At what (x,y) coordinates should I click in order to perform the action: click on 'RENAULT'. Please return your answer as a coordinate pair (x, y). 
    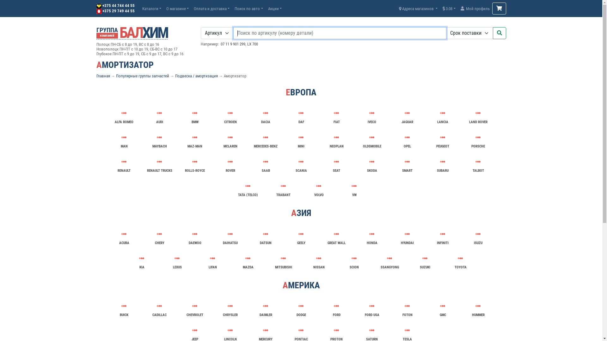
    Looking at the image, I should click on (124, 161).